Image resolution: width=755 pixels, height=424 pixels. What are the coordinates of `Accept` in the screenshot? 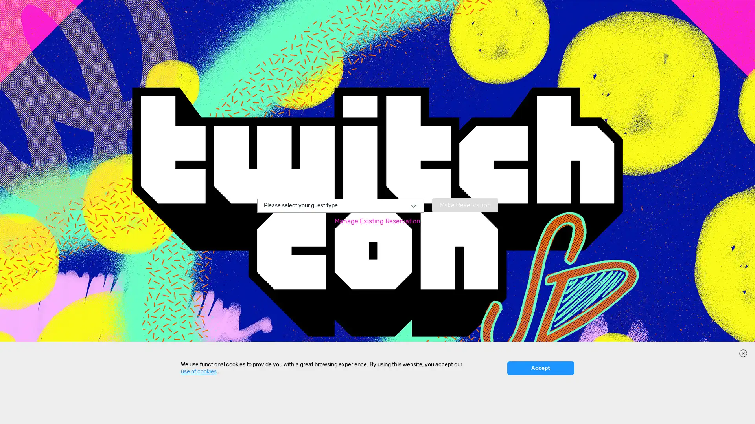 It's located at (540, 412).